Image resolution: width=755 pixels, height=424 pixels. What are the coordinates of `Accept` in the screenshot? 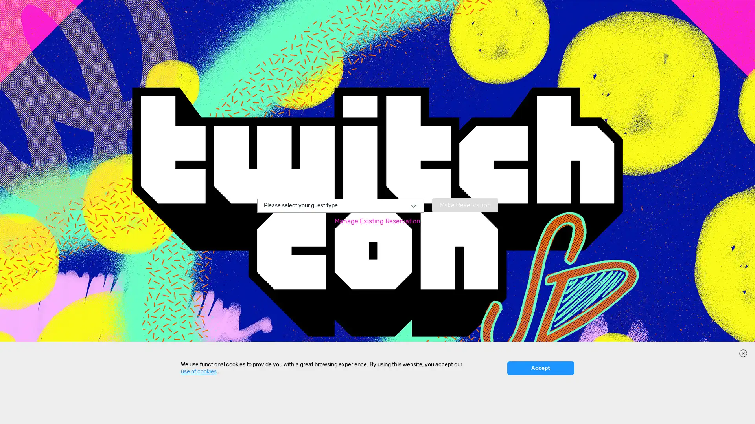 It's located at (540, 412).